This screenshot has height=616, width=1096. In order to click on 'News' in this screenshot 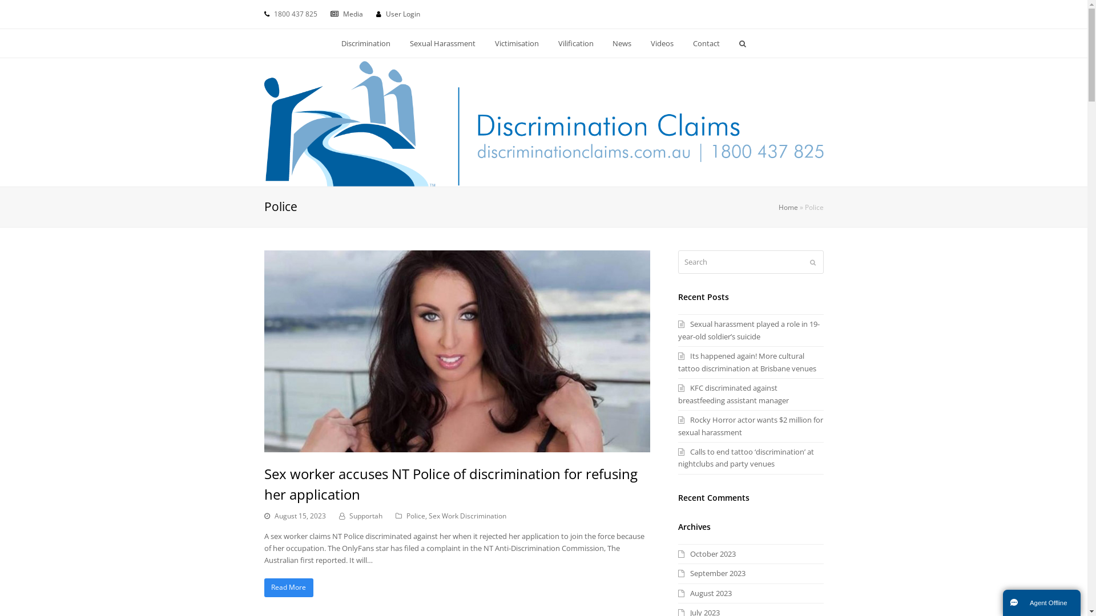, I will do `click(621, 43)`.